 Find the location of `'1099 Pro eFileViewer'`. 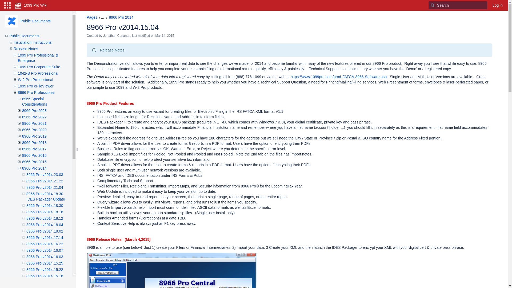

'1099 Pro eFileViewer' is located at coordinates (35, 86).